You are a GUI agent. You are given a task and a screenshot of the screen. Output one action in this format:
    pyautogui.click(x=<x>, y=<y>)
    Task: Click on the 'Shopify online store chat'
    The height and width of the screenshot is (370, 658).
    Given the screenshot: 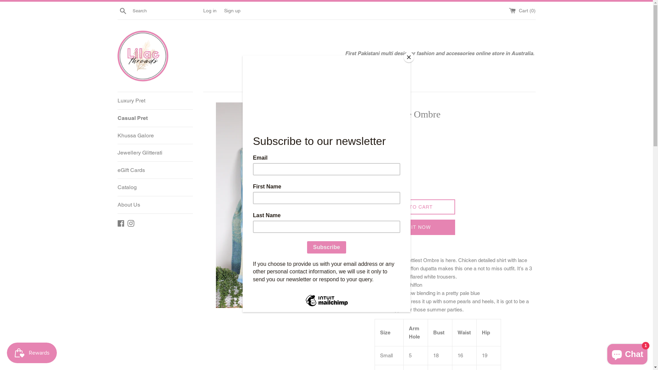 What is the action you would take?
    pyautogui.click(x=627, y=353)
    